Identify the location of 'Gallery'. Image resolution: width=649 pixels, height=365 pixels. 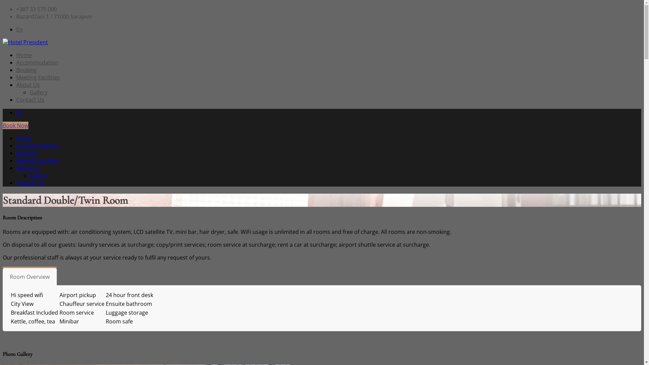
(29, 175).